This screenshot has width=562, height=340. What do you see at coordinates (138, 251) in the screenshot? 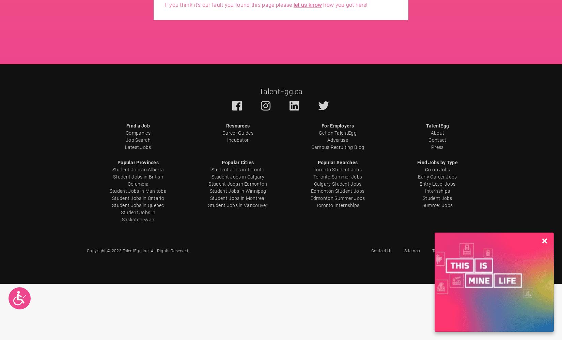
I see `'Copyright © 2023 TalentEgg Inc. All Rights Reserved.'` at bounding box center [138, 251].